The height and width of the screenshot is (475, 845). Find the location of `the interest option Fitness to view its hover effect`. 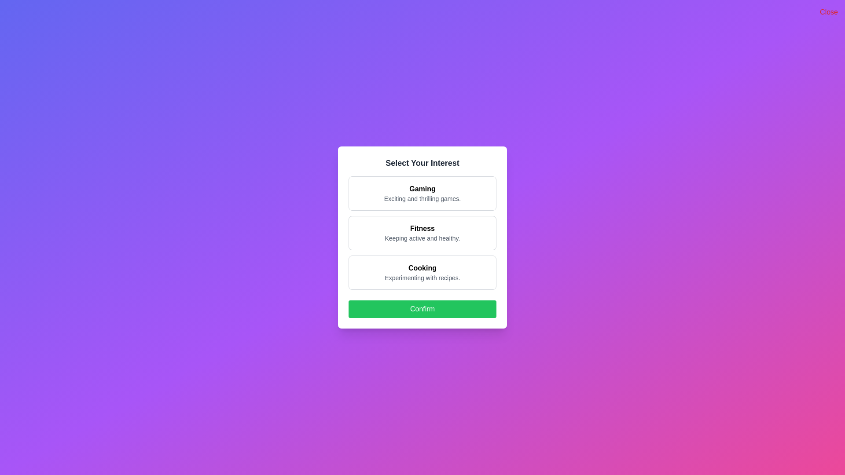

the interest option Fitness to view its hover effect is located at coordinates (422, 232).